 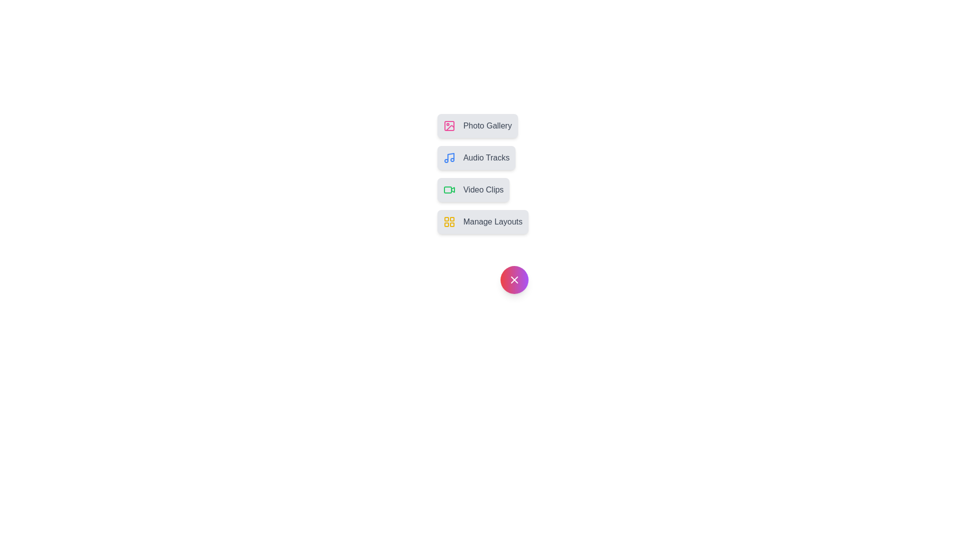 I want to click on the 'Video Clips' button, which is a rectangular button with a light gray background, rounded corners, and a green video camera icon on the left, to potentially display additional information or styles, so click(x=472, y=190).